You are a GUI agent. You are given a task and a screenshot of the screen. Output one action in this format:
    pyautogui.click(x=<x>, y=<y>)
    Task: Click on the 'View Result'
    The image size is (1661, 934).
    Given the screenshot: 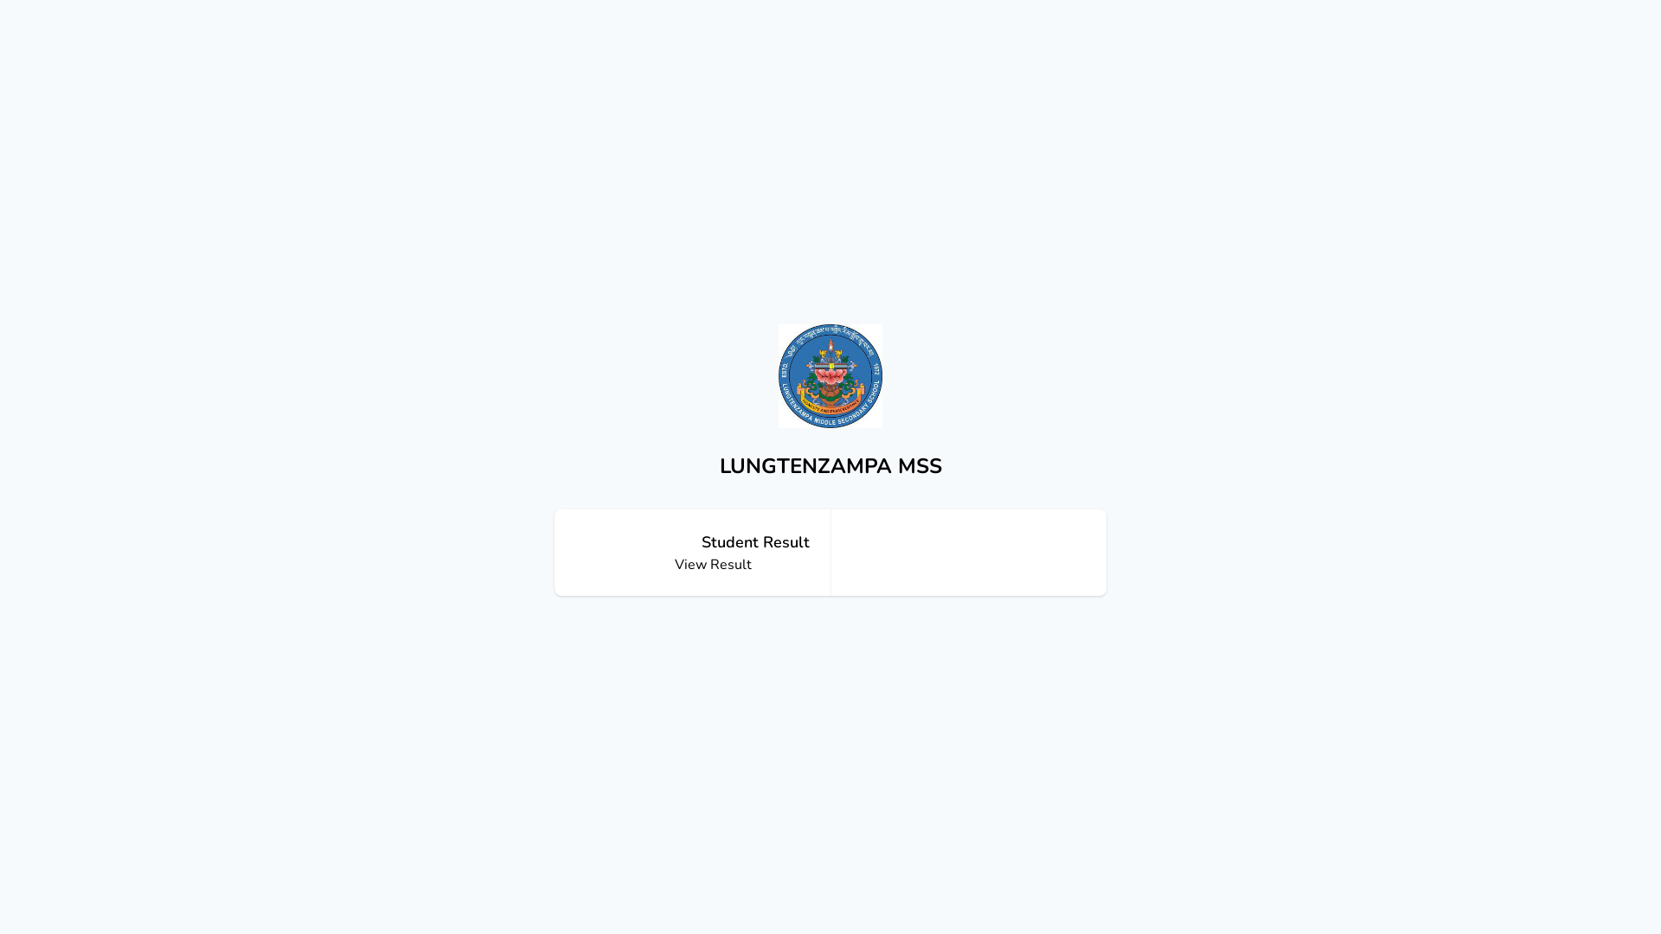 What is the action you would take?
    pyautogui.click(x=713, y=564)
    